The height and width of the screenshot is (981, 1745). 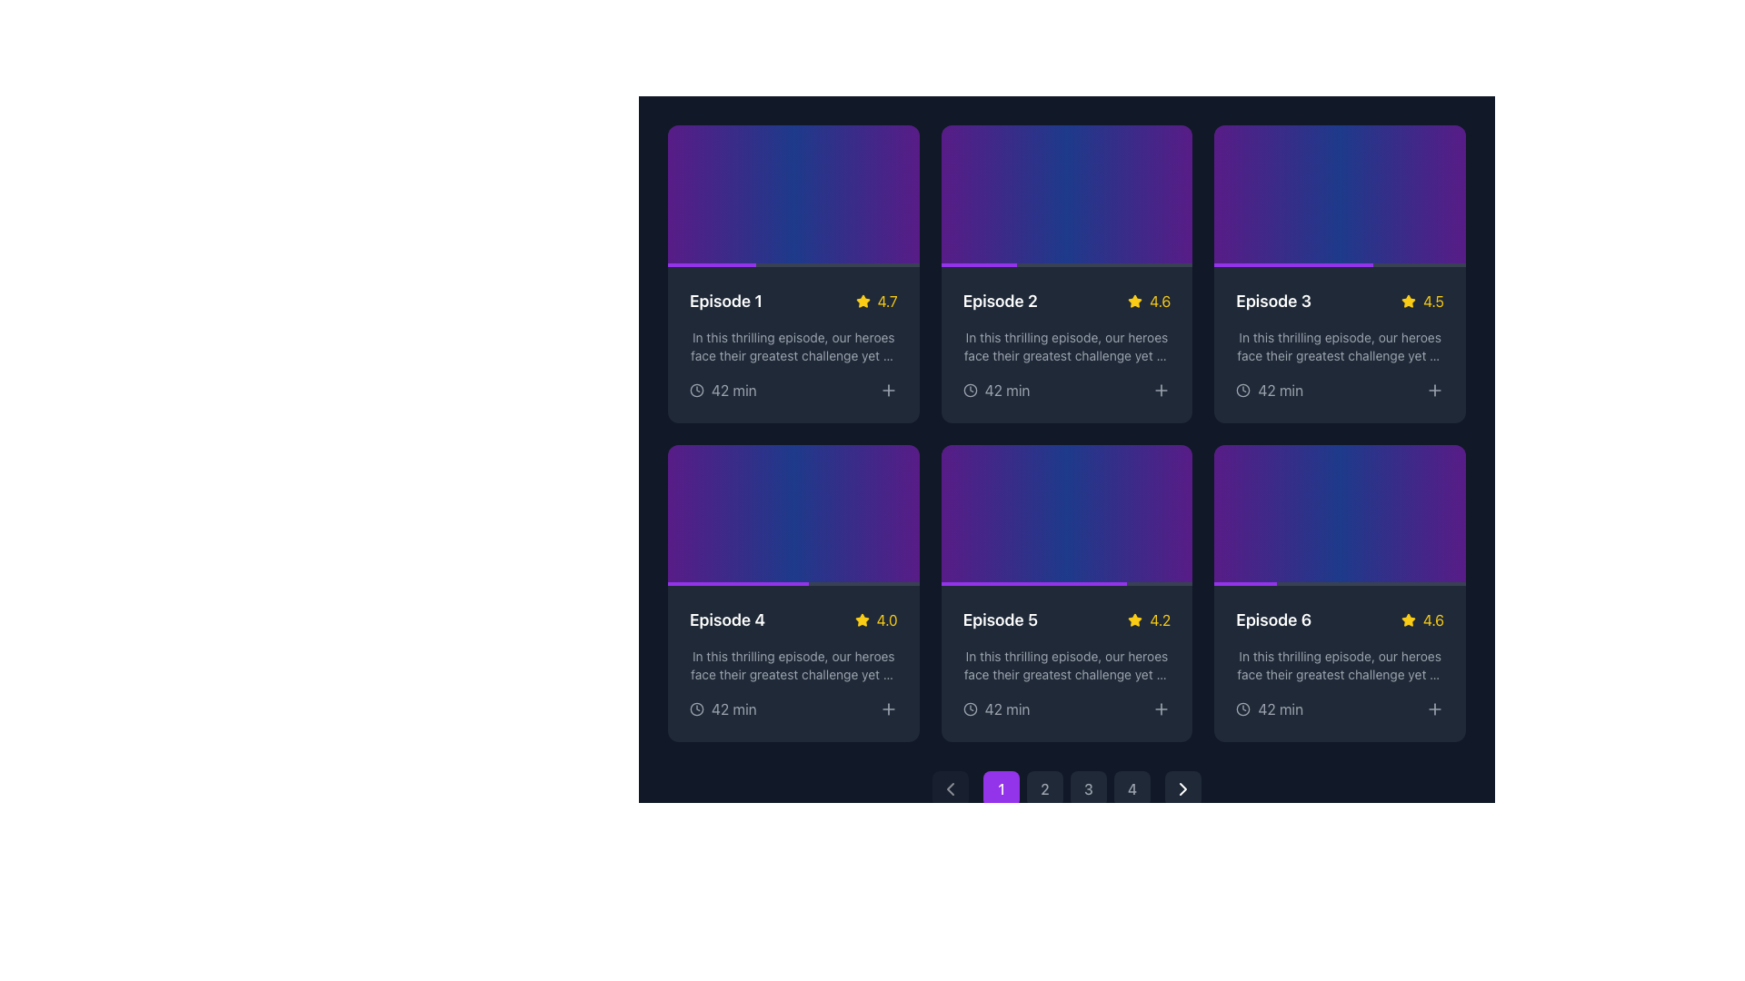 I want to click on the title and rating display element located at the top-left corner of the first card in the grid layout, so click(x=793, y=300).